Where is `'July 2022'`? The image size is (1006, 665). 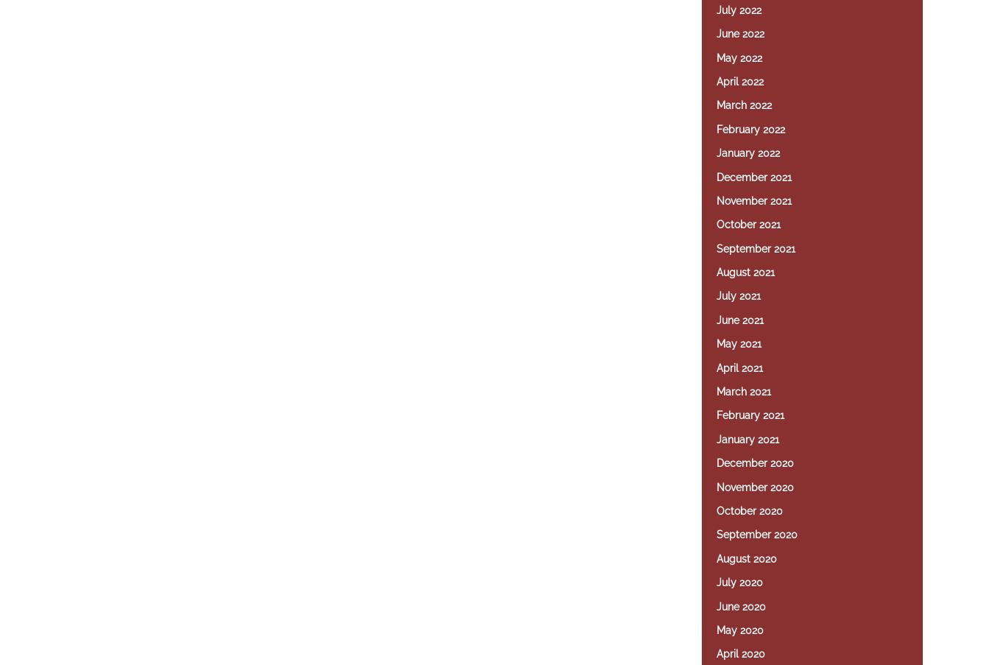 'July 2022' is located at coordinates (739, 9).